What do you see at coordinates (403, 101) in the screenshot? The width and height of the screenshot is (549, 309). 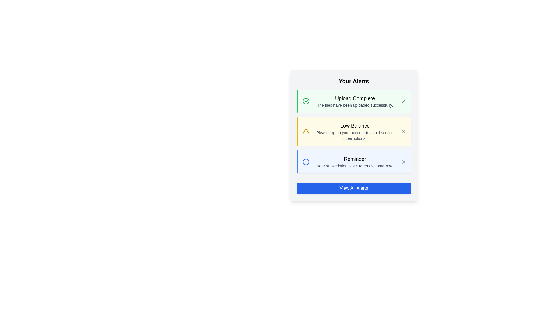 I see `the Close indicator icon (X shape) located at the top-right corner of the 'Upload Complete' alert box` at bounding box center [403, 101].